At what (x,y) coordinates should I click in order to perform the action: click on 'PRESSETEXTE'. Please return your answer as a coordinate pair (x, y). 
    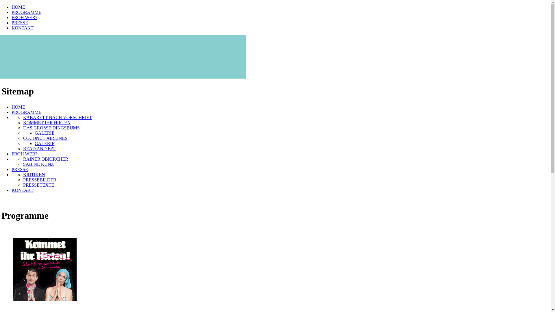
    Looking at the image, I should click on (38, 185).